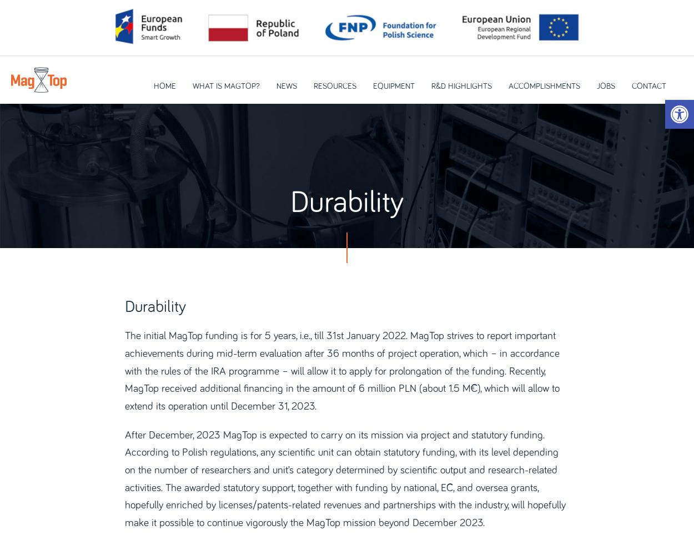 The image size is (694, 555). I want to click on 'Equipment', so click(393, 86).